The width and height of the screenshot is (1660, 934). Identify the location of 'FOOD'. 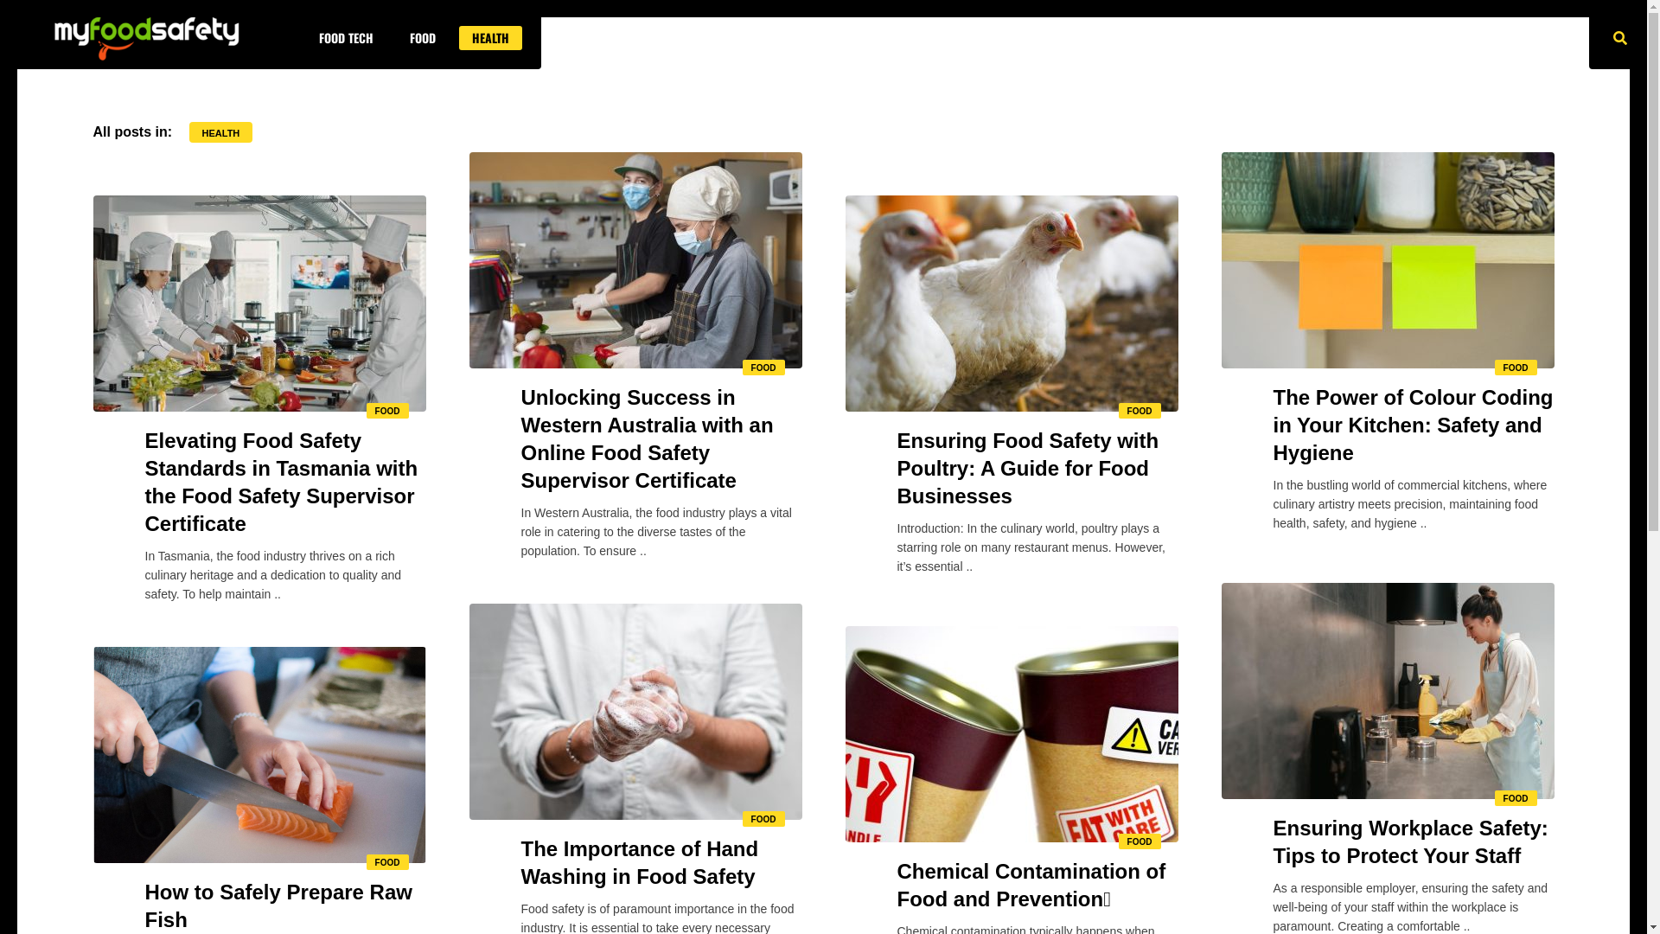
(1515, 798).